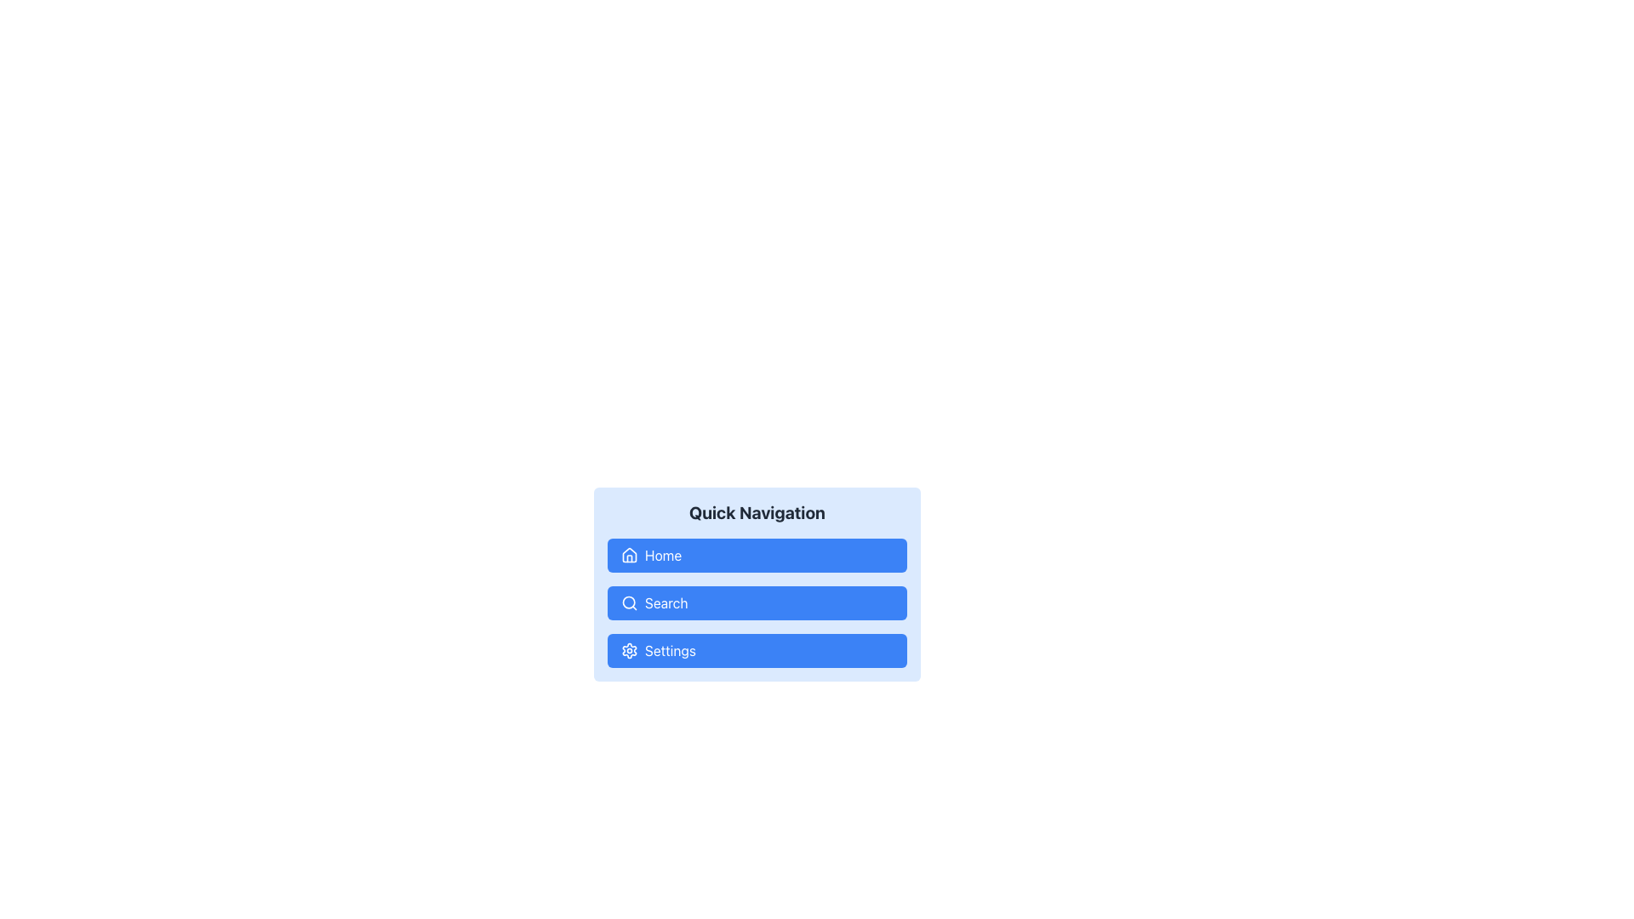 This screenshot has width=1634, height=919. I want to click on the gear icon, which is a graphical icon with a circular layout and radial extensions, located to the left of the 'Settings' button, so click(628, 650).